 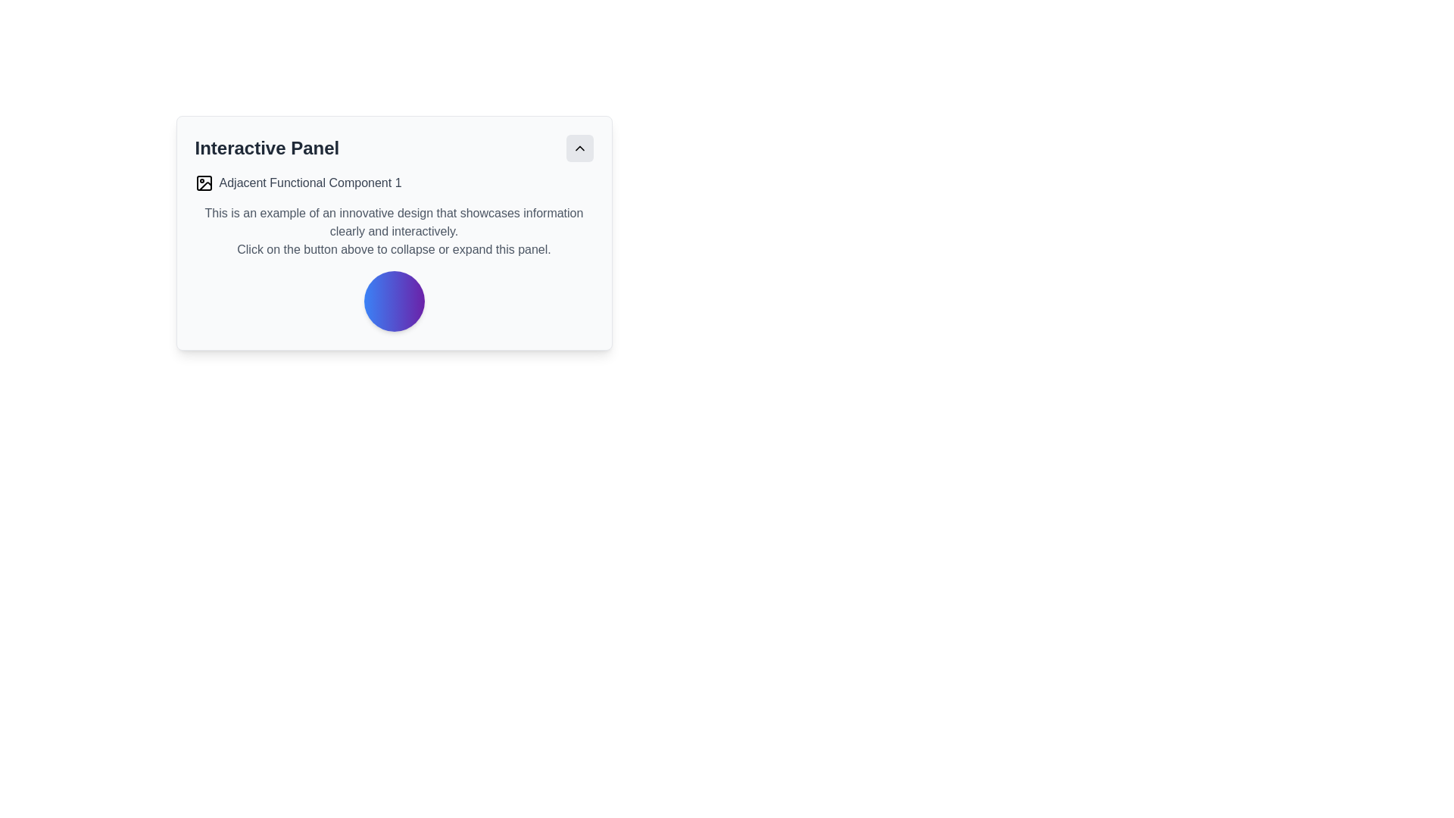 What do you see at coordinates (267, 148) in the screenshot?
I see `the 'Interactive Panel' text label, which is styled in bold and large dark gray font, positioned at the top left of the interface` at bounding box center [267, 148].